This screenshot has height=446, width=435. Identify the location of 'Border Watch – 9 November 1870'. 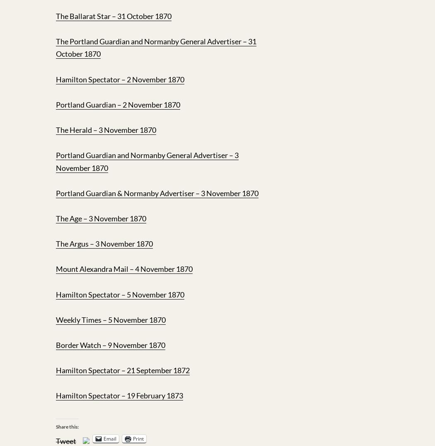
(110, 345).